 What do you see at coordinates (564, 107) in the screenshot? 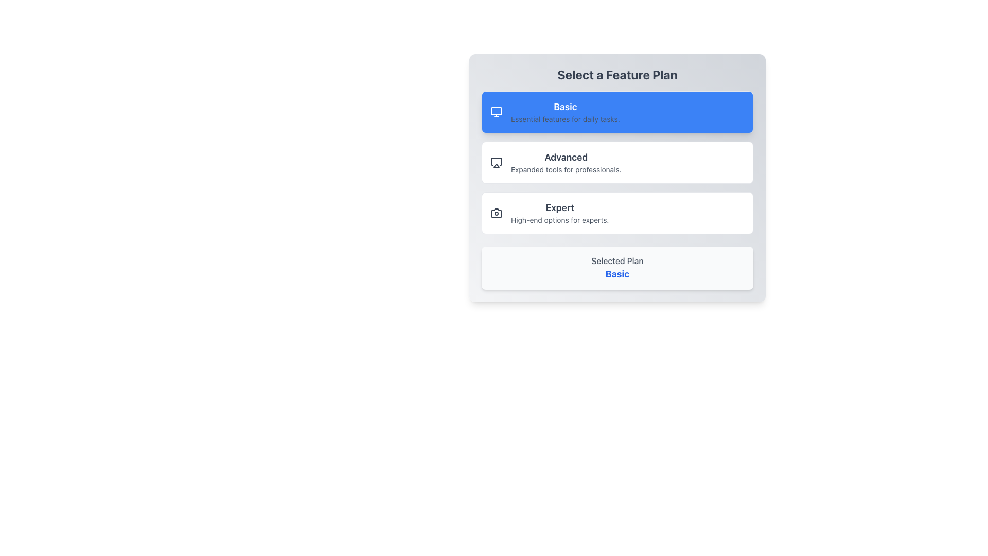
I see `the 'Basic' feature plan text label, which serves as a heading to distinguish this option from others in the feature selection panel` at bounding box center [564, 107].